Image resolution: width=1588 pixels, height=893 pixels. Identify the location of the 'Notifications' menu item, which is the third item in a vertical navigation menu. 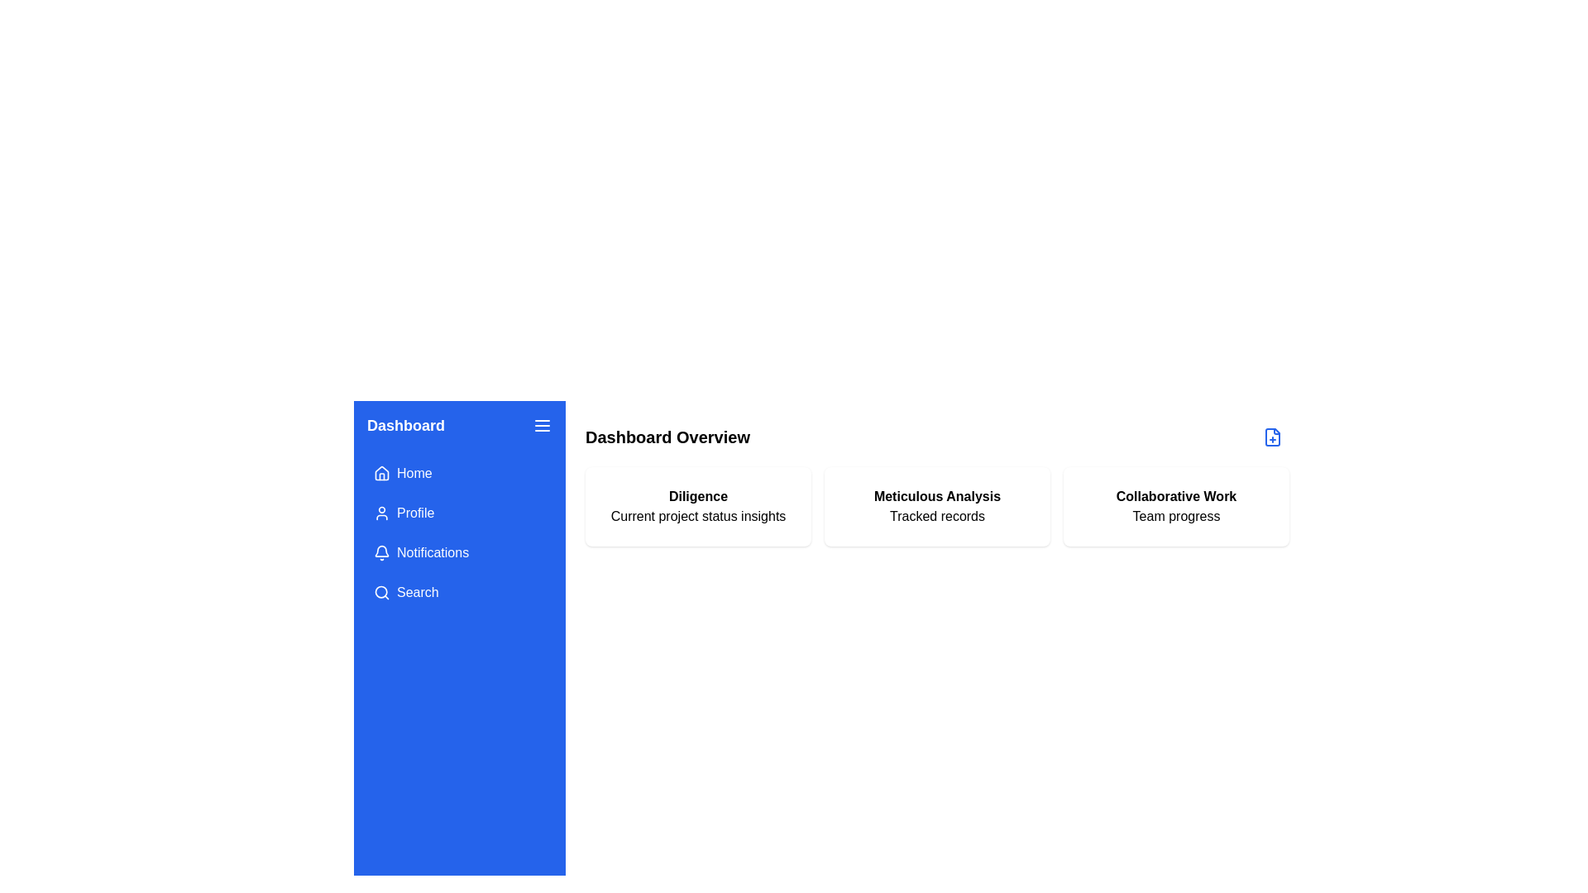
(460, 552).